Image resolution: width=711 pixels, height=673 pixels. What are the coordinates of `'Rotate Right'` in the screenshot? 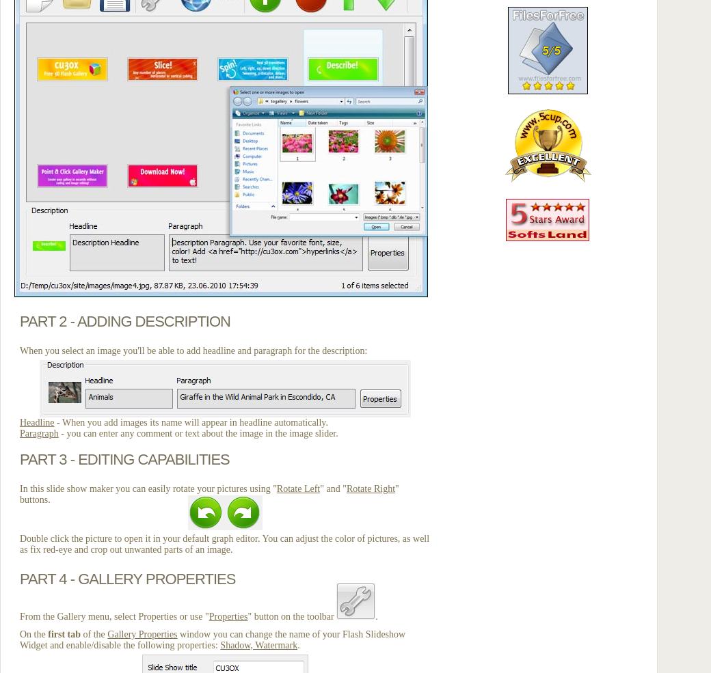 It's located at (370, 489).